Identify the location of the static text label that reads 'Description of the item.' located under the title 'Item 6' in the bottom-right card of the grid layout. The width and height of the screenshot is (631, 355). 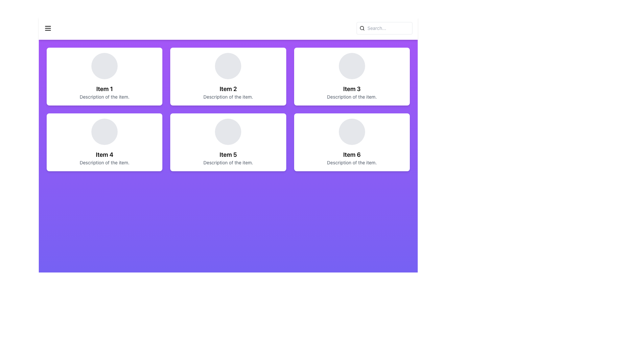
(351, 162).